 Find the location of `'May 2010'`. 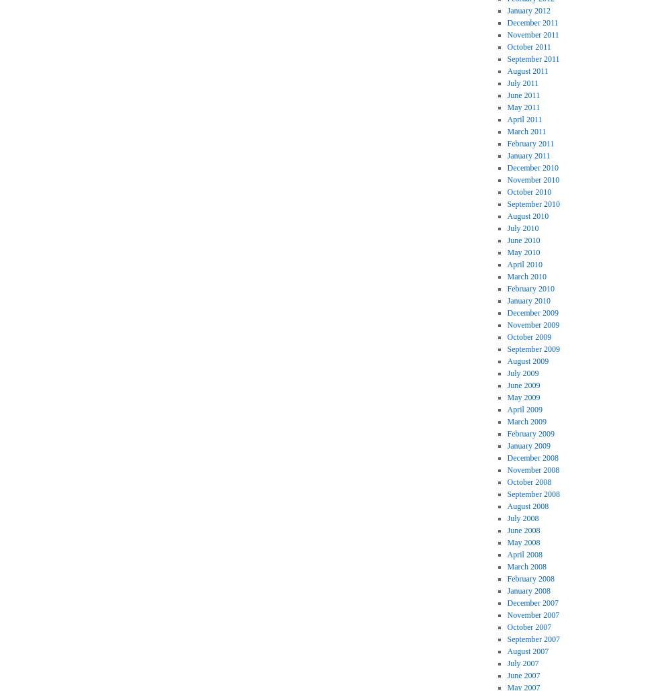

'May 2010' is located at coordinates (506, 251).